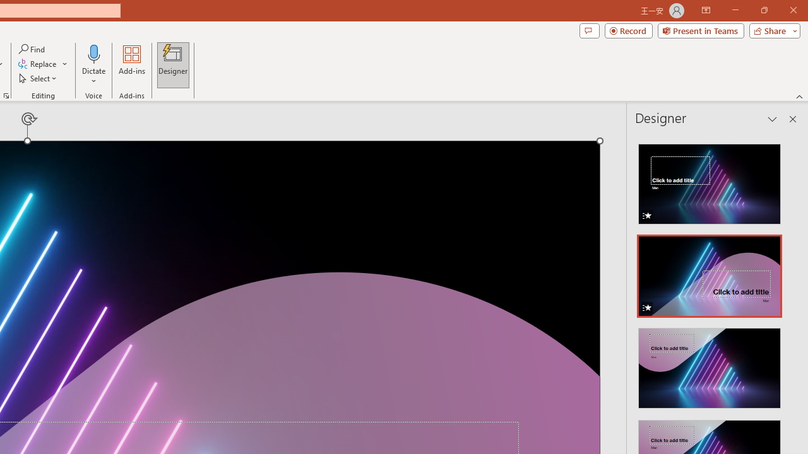 Image resolution: width=808 pixels, height=454 pixels. Describe the element at coordinates (710, 272) in the screenshot. I see `'Design Idea with Animation'` at that location.